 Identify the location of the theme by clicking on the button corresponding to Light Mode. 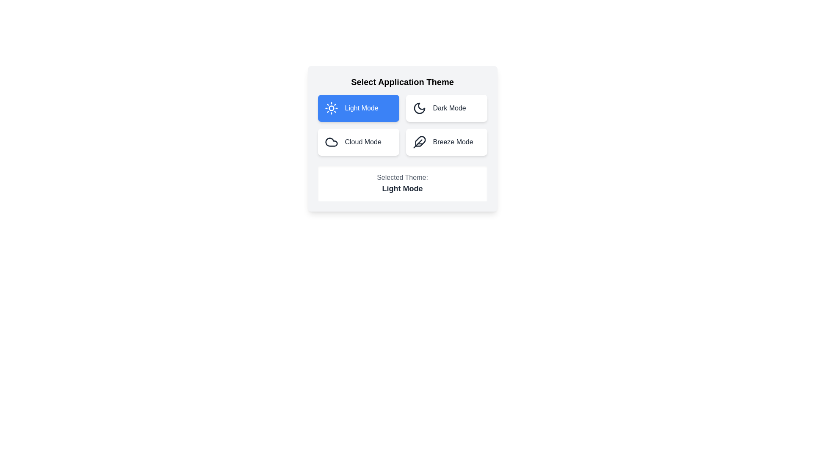
(358, 107).